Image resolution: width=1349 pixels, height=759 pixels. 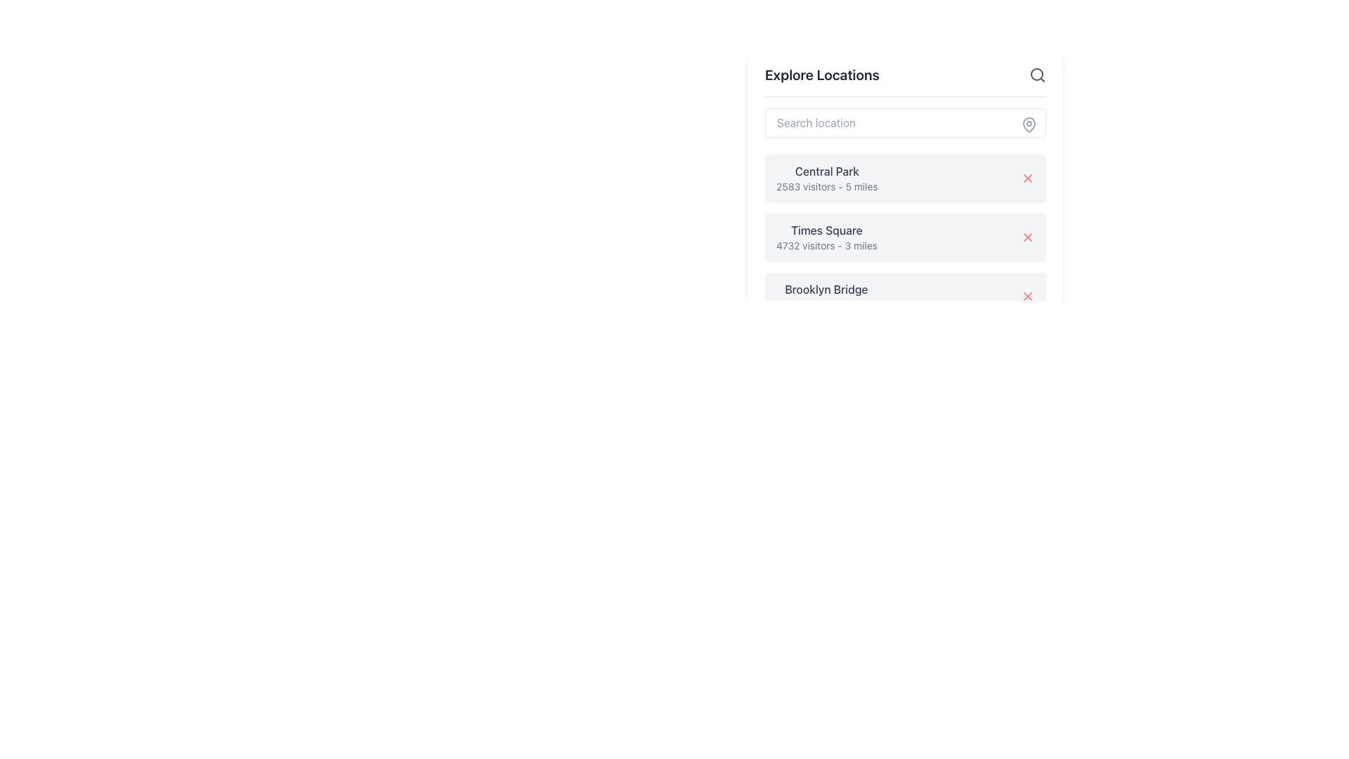 What do you see at coordinates (1028, 295) in the screenshot?
I see `the red 'X' icon button located on the far right of the 'Brooklyn Bridge' entry` at bounding box center [1028, 295].